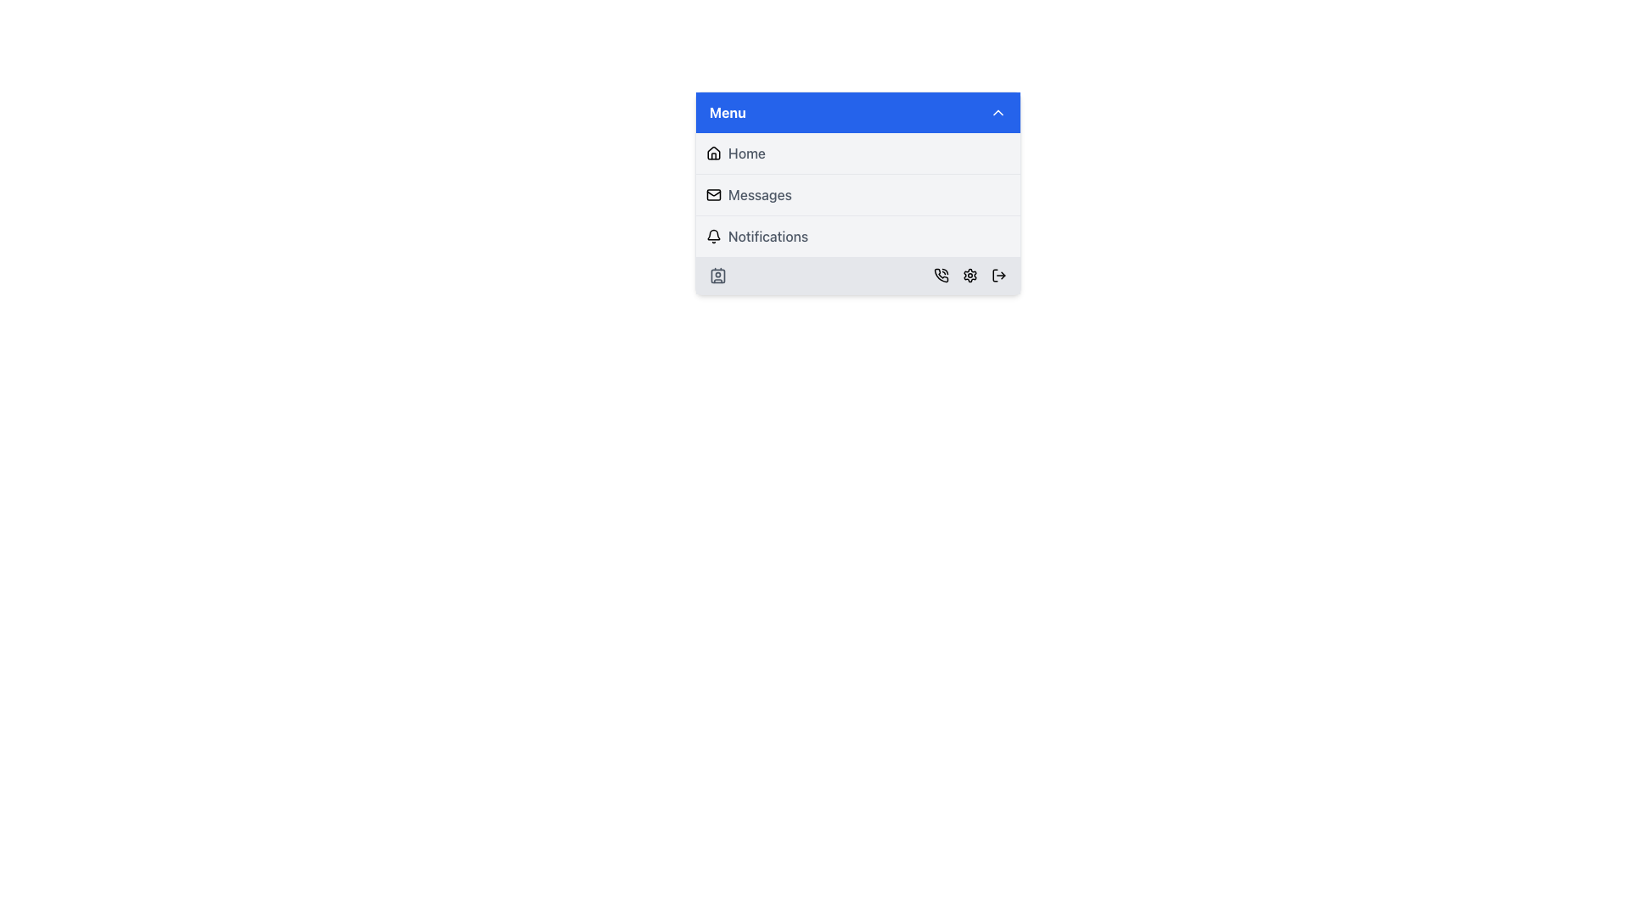  I want to click on the 'Messages' menu item, which is the second row in the menu layout, so click(858, 194).